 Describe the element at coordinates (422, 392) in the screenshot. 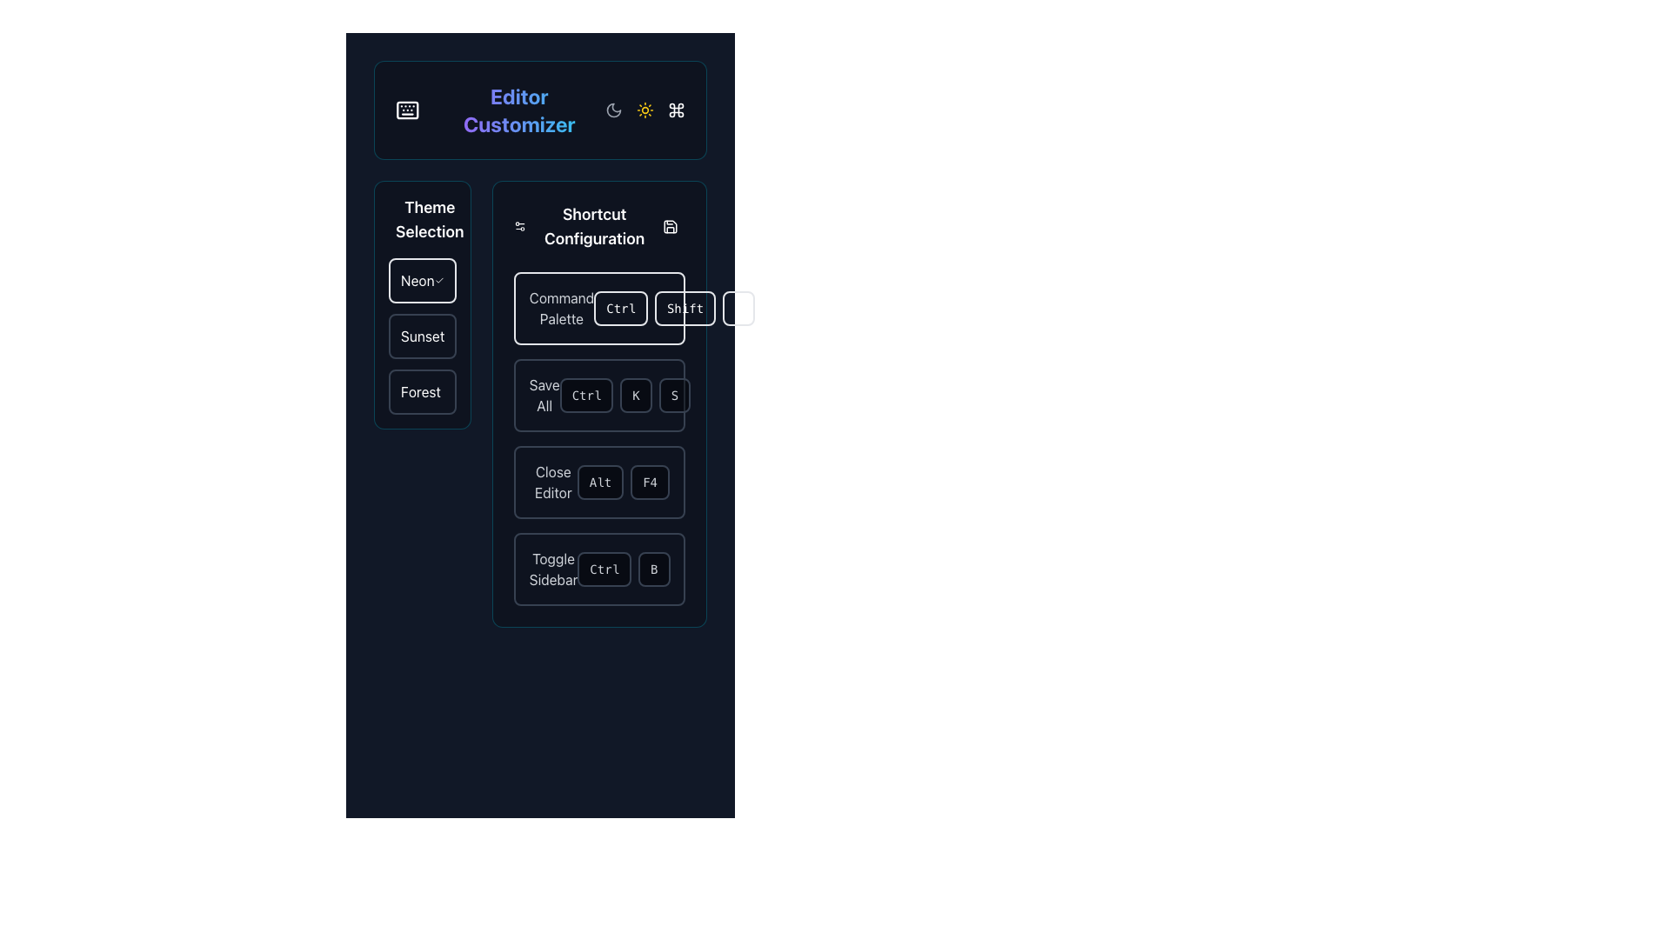

I see `the 'Forest' theme button, which is the third option in the 'Theme Selection' list in the left sidebar, styled with a dark theme and white outline` at that location.